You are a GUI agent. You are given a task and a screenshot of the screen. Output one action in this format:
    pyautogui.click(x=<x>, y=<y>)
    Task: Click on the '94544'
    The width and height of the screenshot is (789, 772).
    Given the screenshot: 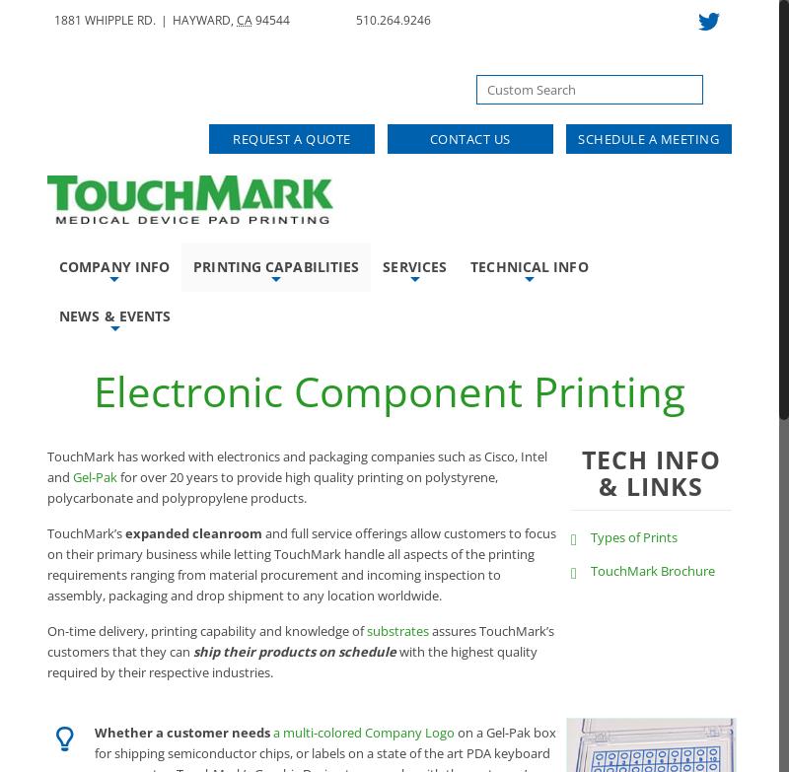 What is the action you would take?
    pyautogui.click(x=271, y=20)
    